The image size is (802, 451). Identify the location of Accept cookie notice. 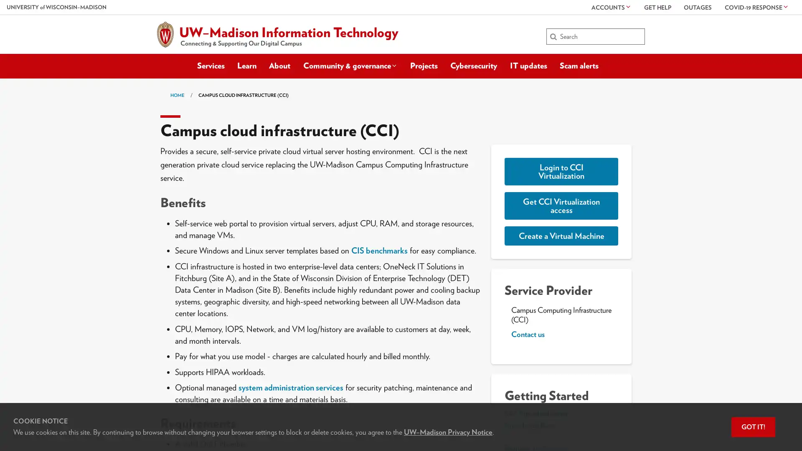
(753, 427).